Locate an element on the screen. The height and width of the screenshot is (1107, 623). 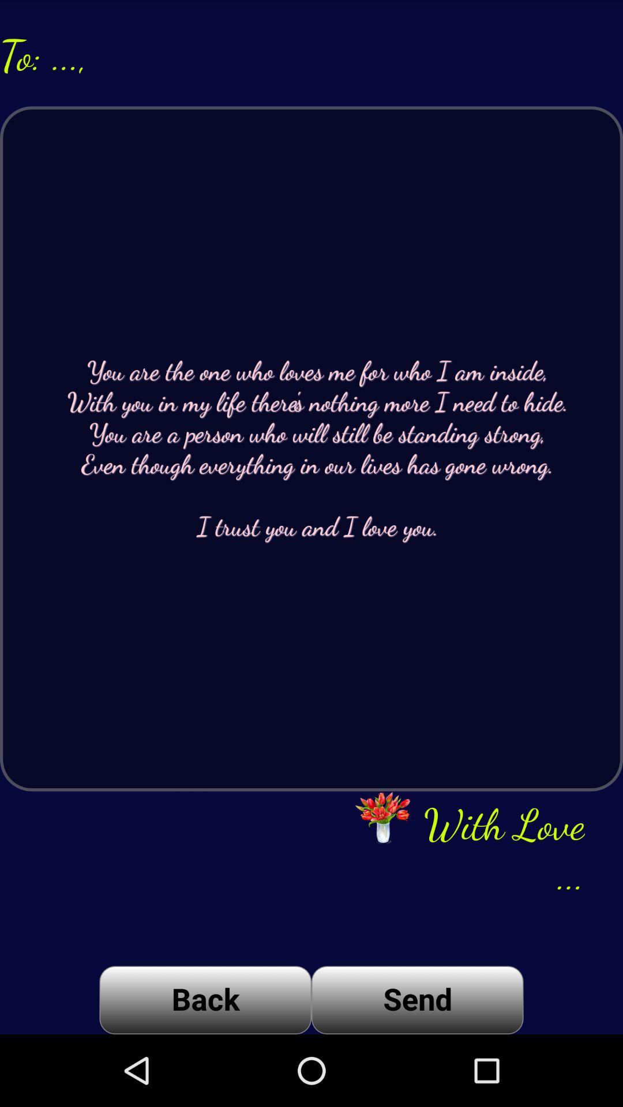
the icon to the left of send icon is located at coordinates (205, 999).